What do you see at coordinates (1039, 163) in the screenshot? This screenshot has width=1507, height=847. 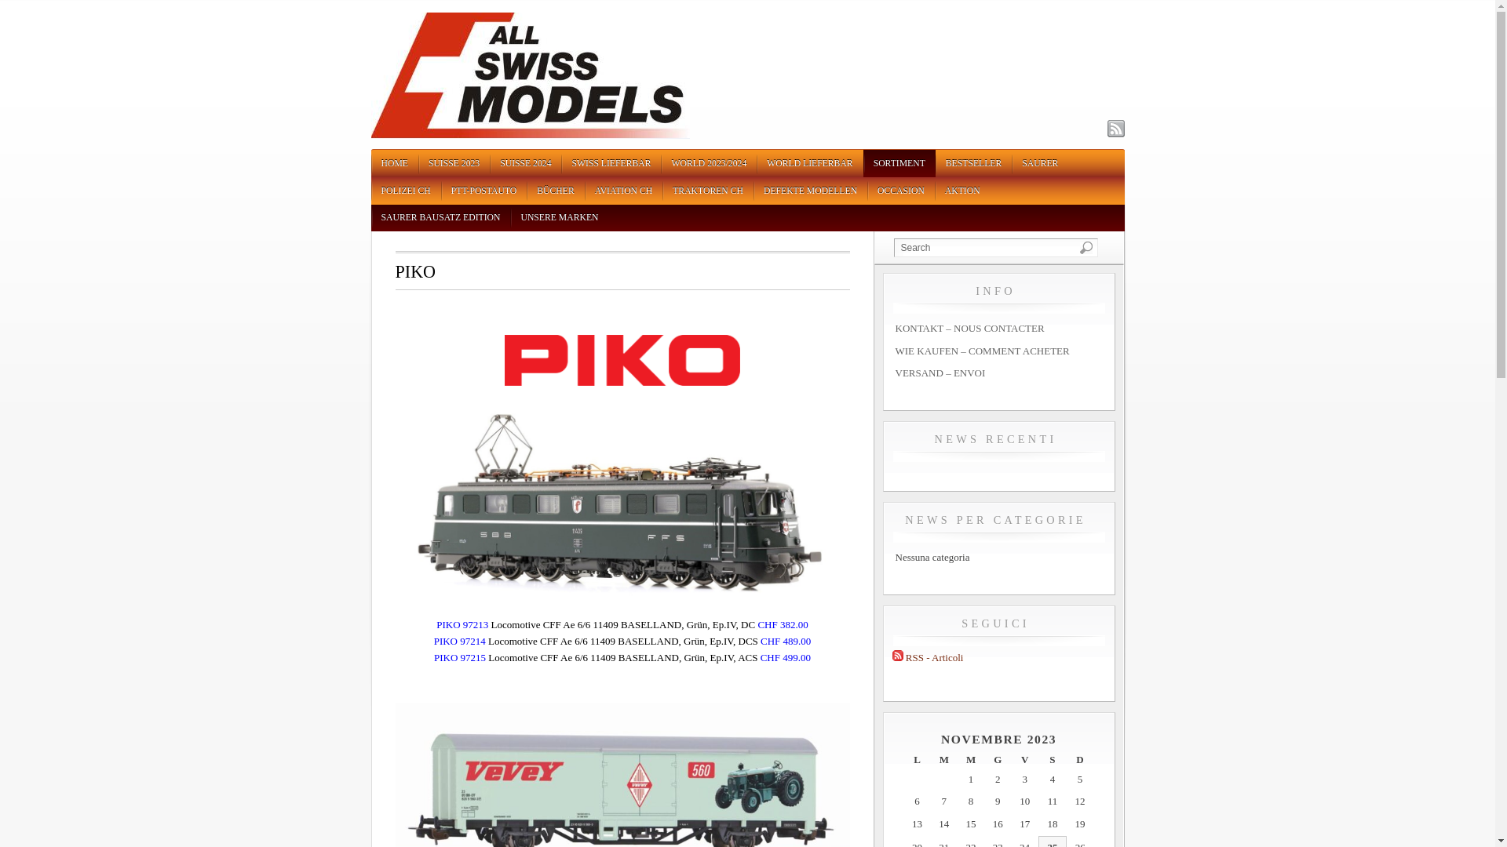 I see `'SAURER'` at bounding box center [1039, 163].